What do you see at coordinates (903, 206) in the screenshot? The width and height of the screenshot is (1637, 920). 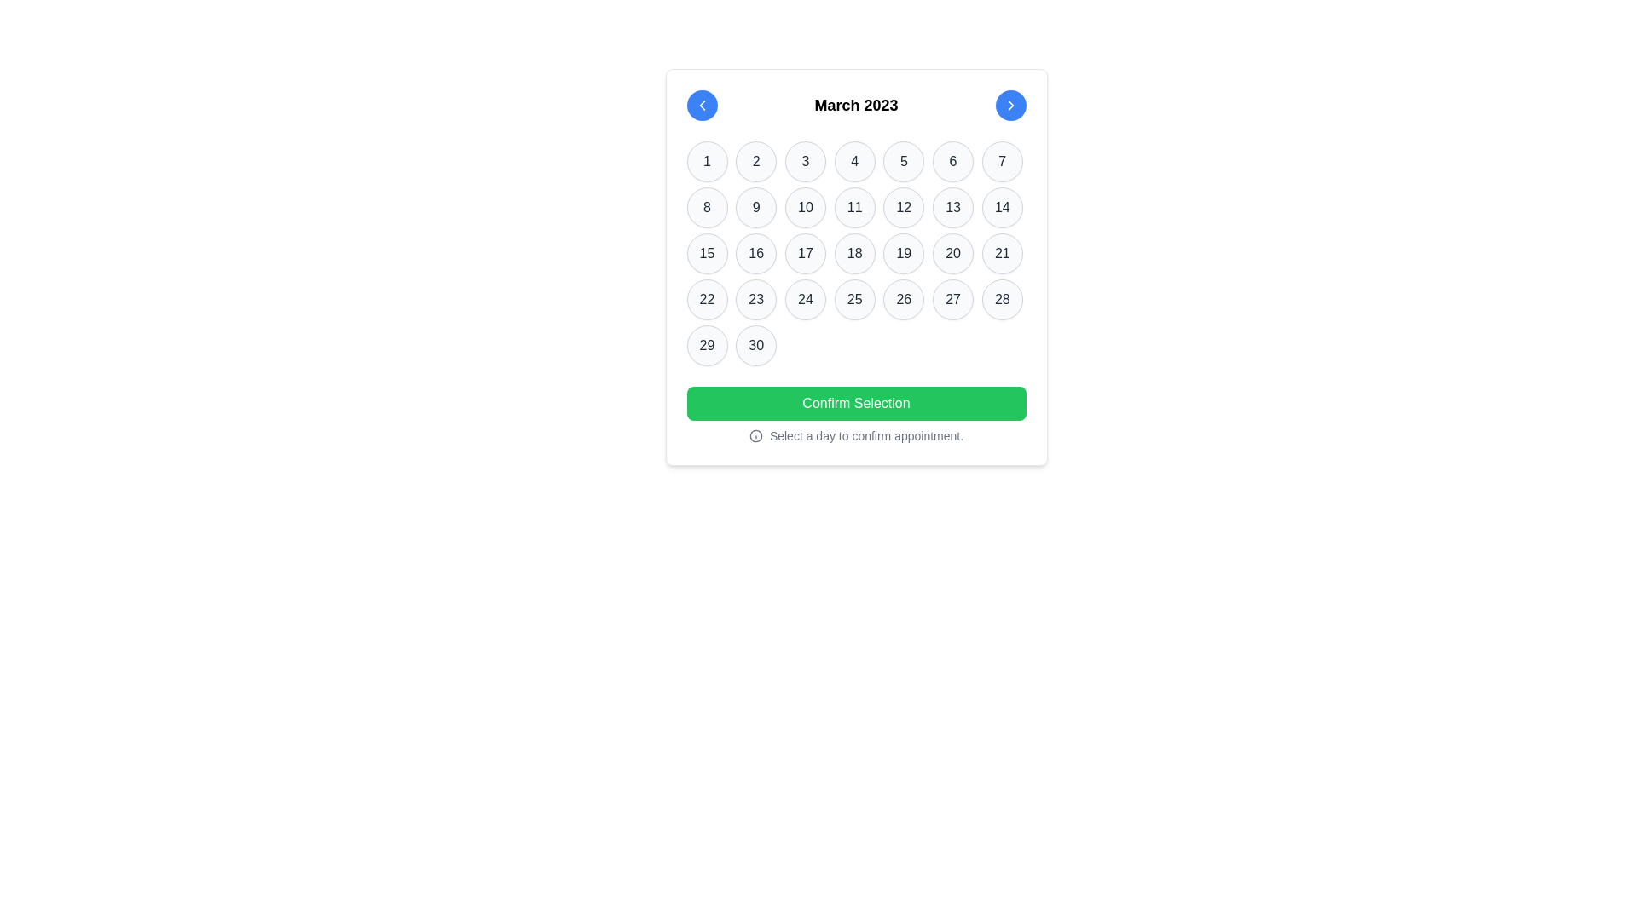 I see `the circular button labeled '12' with a light gray background` at bounding box center [903, 206].